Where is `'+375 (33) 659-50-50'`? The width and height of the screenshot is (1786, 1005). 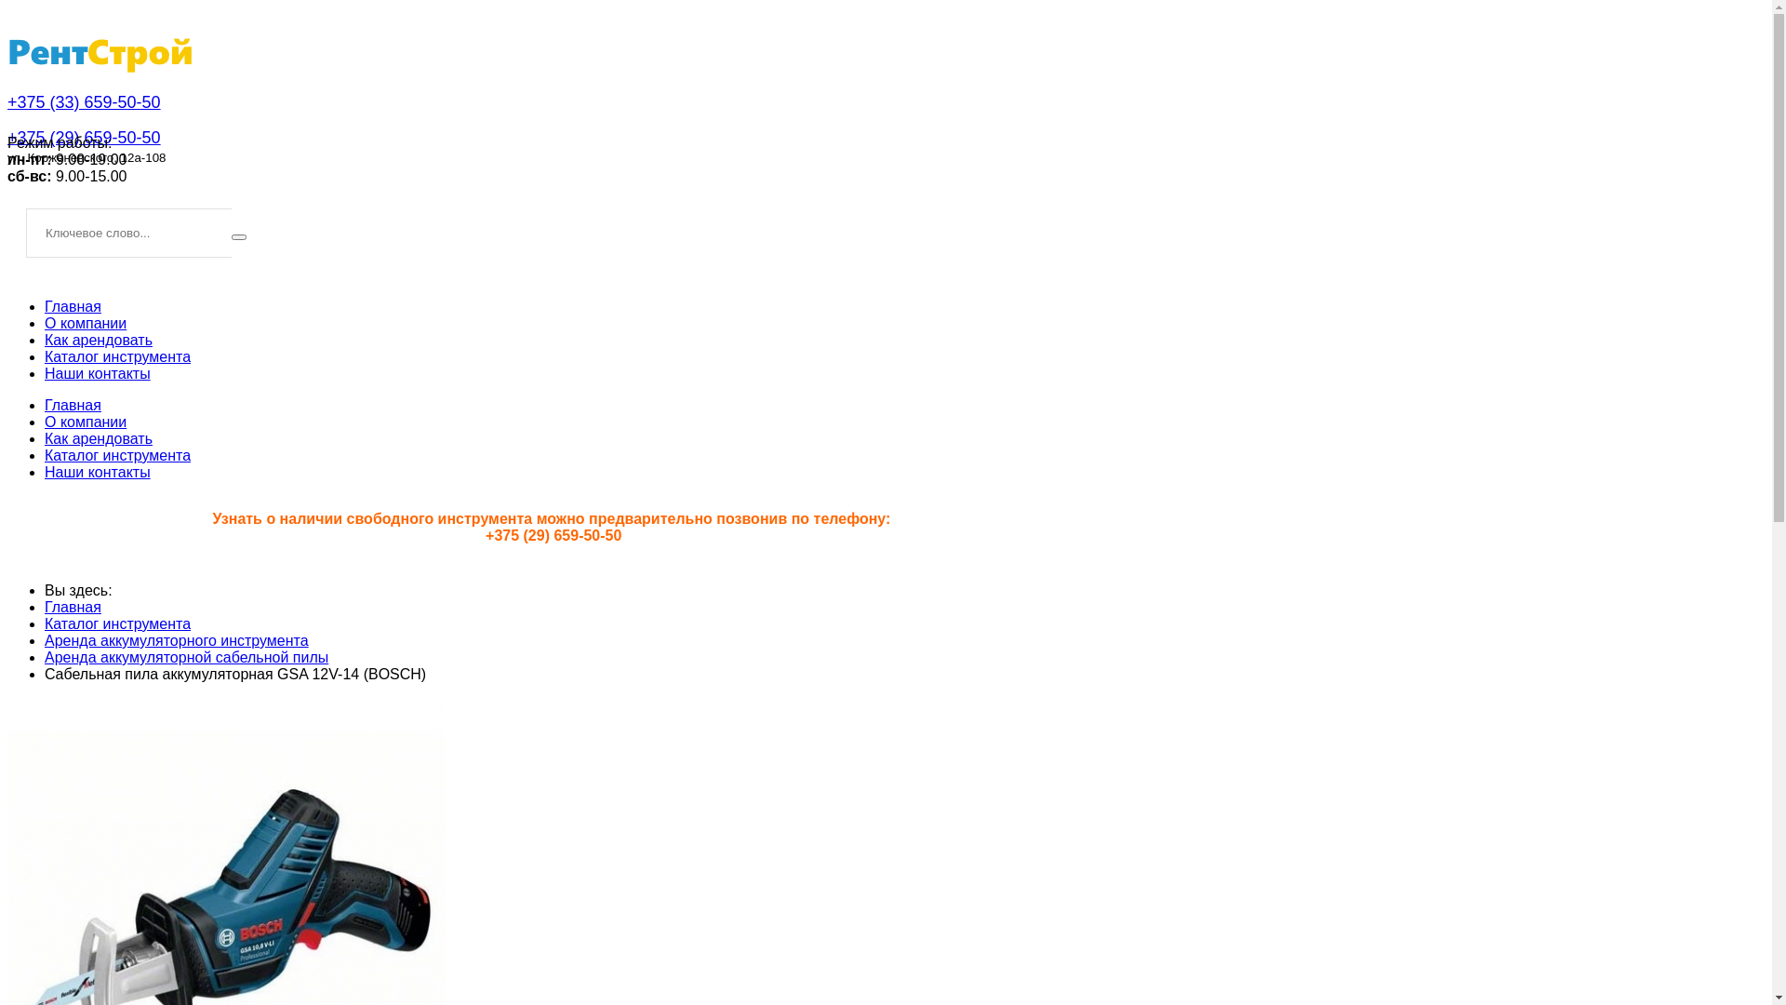
'+375 (33) 659-50-50' is located at coordinates (83, 102).